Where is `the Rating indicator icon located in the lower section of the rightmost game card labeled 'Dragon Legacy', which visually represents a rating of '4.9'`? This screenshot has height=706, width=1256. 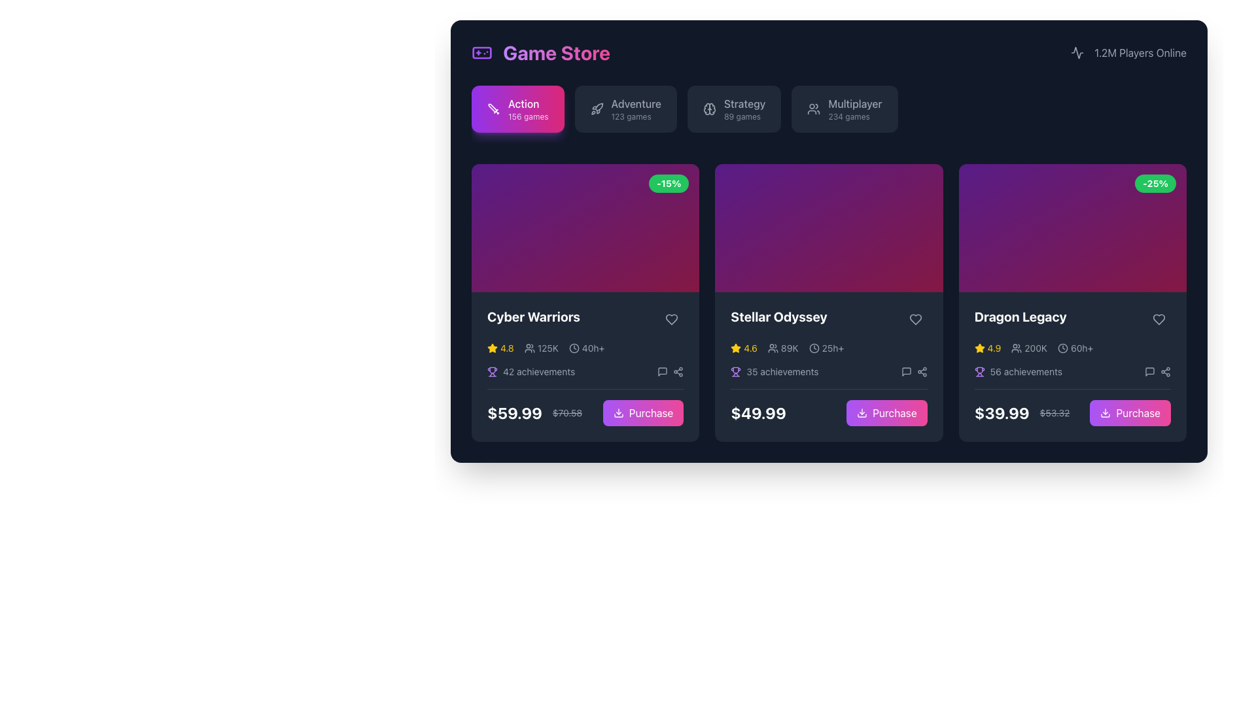 the Rating indicator icon located in the lower section of the rightmost game card labeled 'Dragon Legacy', which visually represents a rating of '4.9' is located at coordinates (979, 347).